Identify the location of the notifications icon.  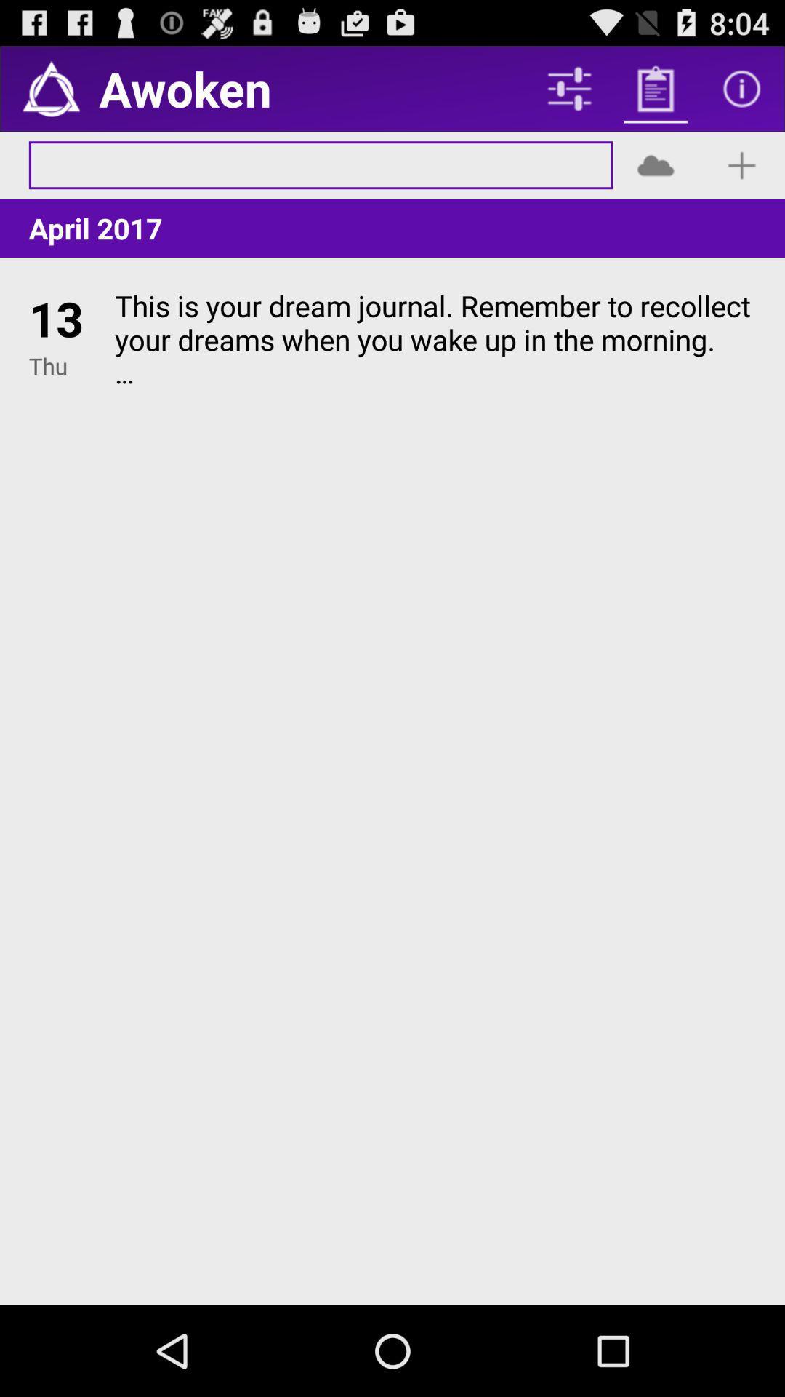
(50, 94).